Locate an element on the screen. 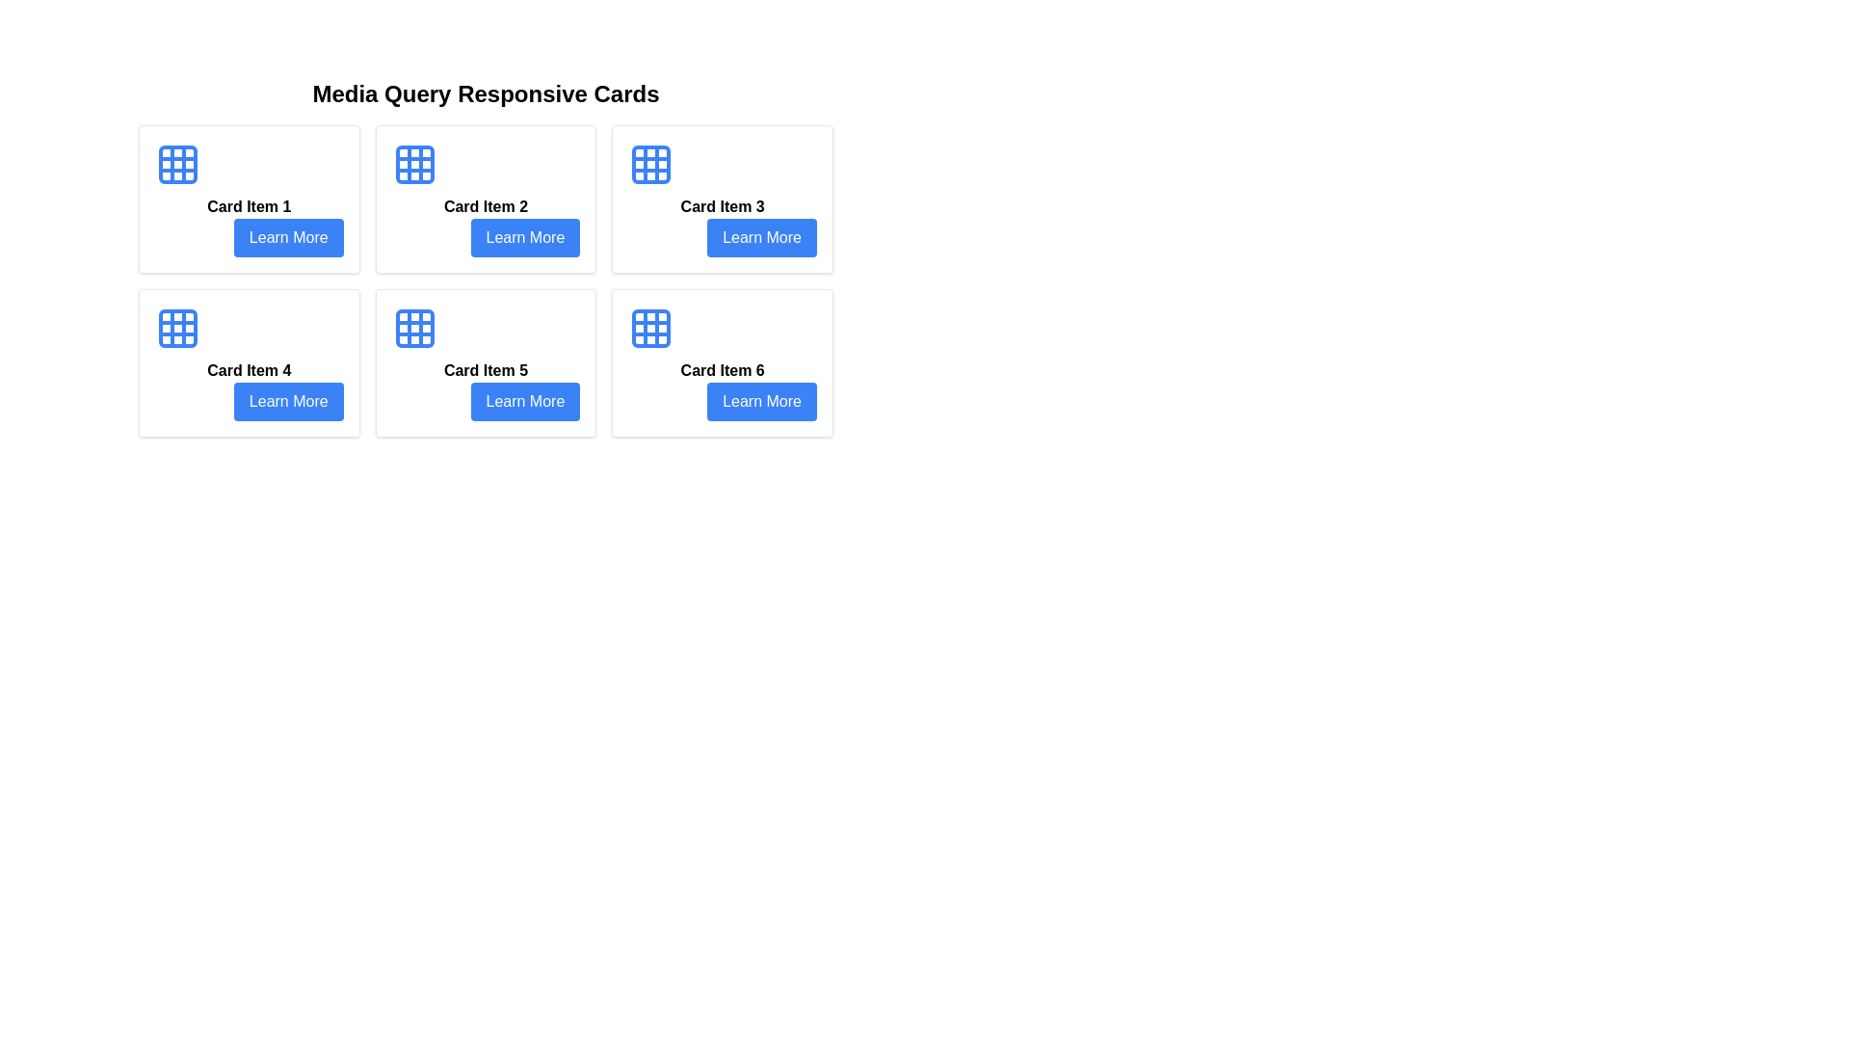  the small blue square with rounded edges located in the top-left cell of a 3x3 grid structure above 'Card Item 1' text is located at coordinates (178, 163).